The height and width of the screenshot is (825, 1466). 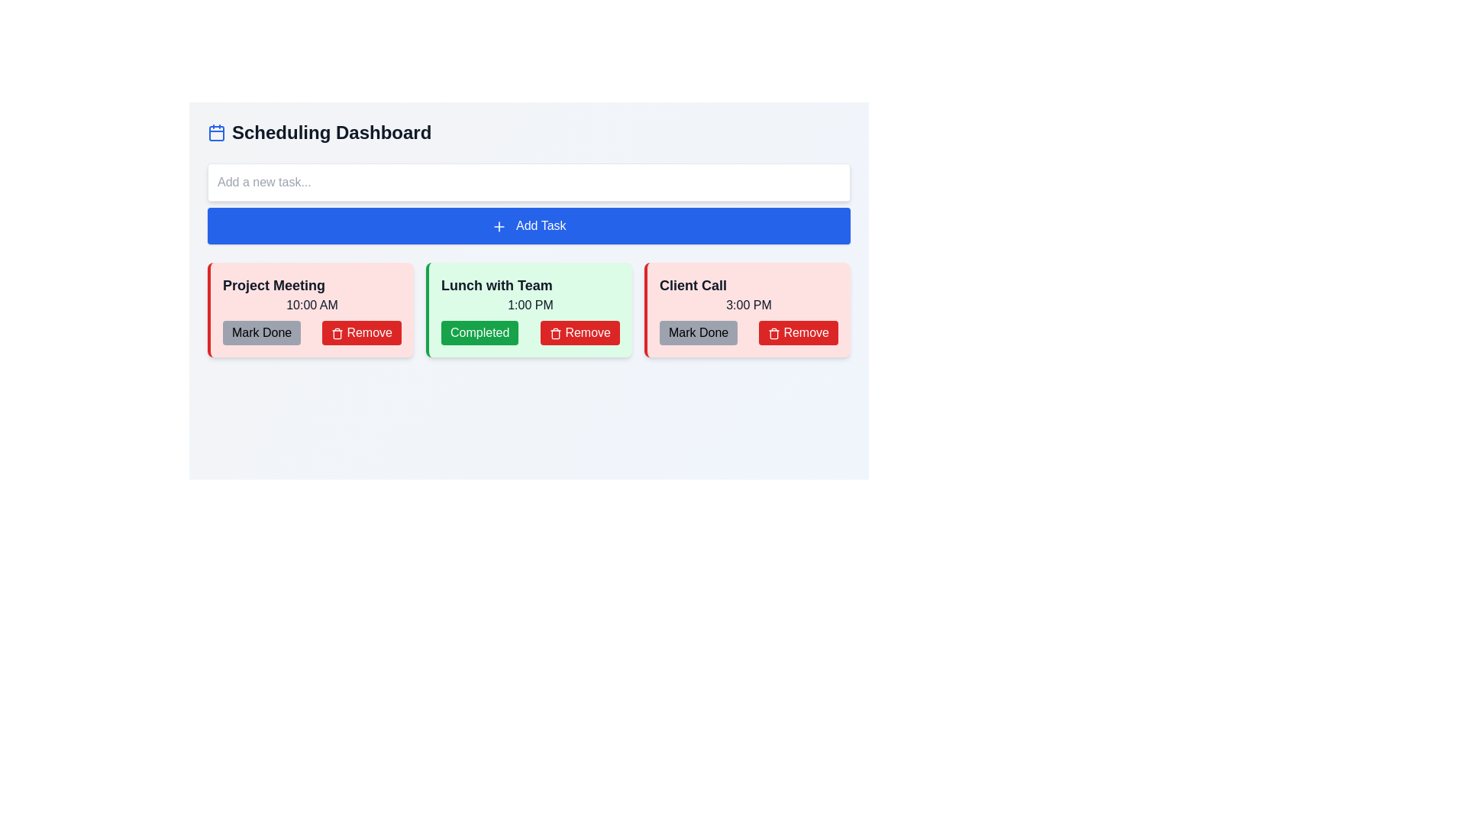 What do you see at coordinates (215, 132) in the screenshot?
I see `the rectangular shape with rounded corners and a distinct blue border within the SVG calendar icon, located near the top-left corner of the interface` at bounding box center [215, 132].